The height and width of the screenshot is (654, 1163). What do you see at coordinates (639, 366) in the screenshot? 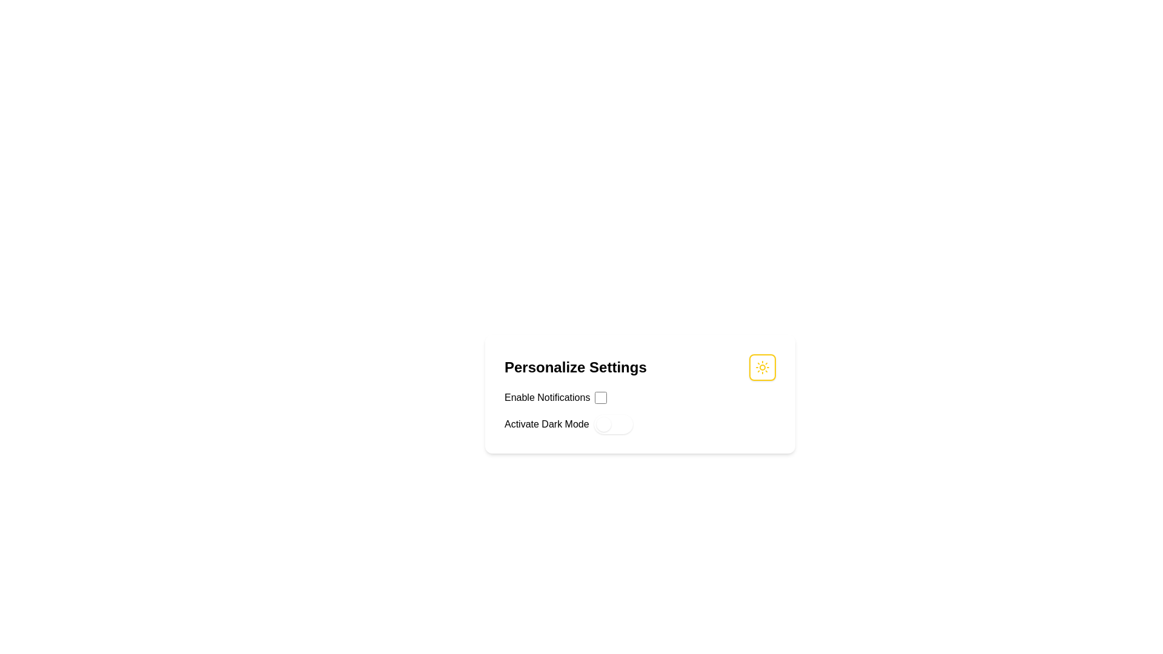
I see `the 'Personalize Settings' header with a sun icon` at bounding box center [639, 366].